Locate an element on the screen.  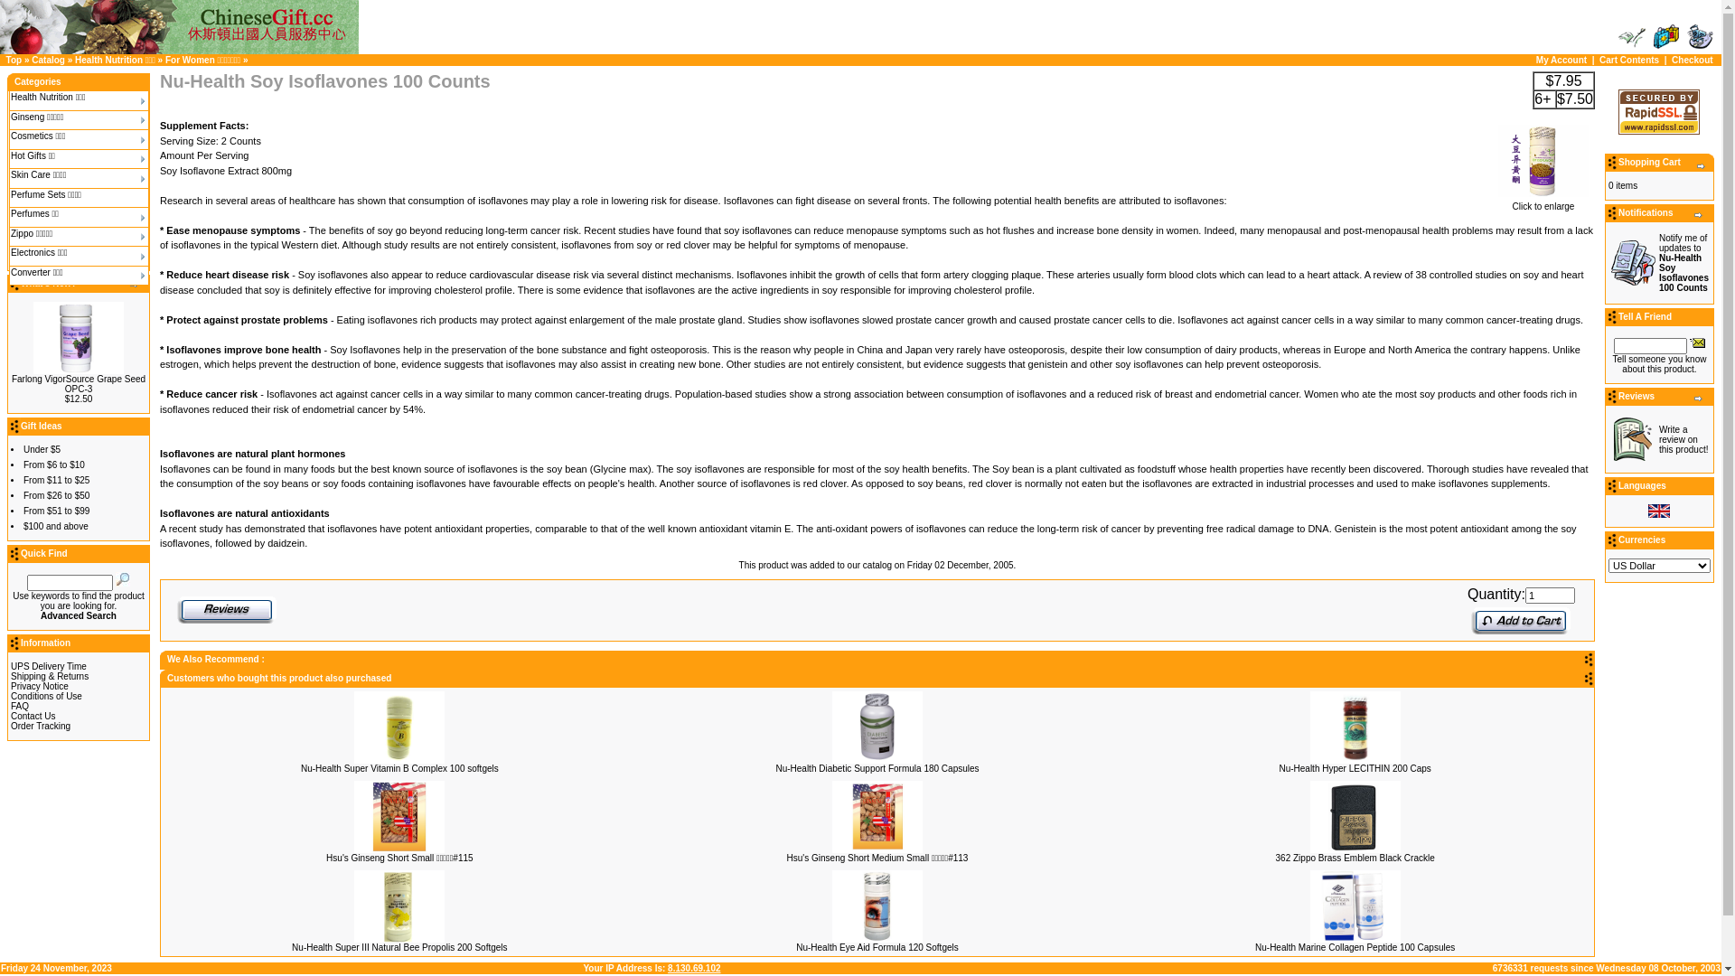
'$100 and above' is located at coordinates (56, 526).